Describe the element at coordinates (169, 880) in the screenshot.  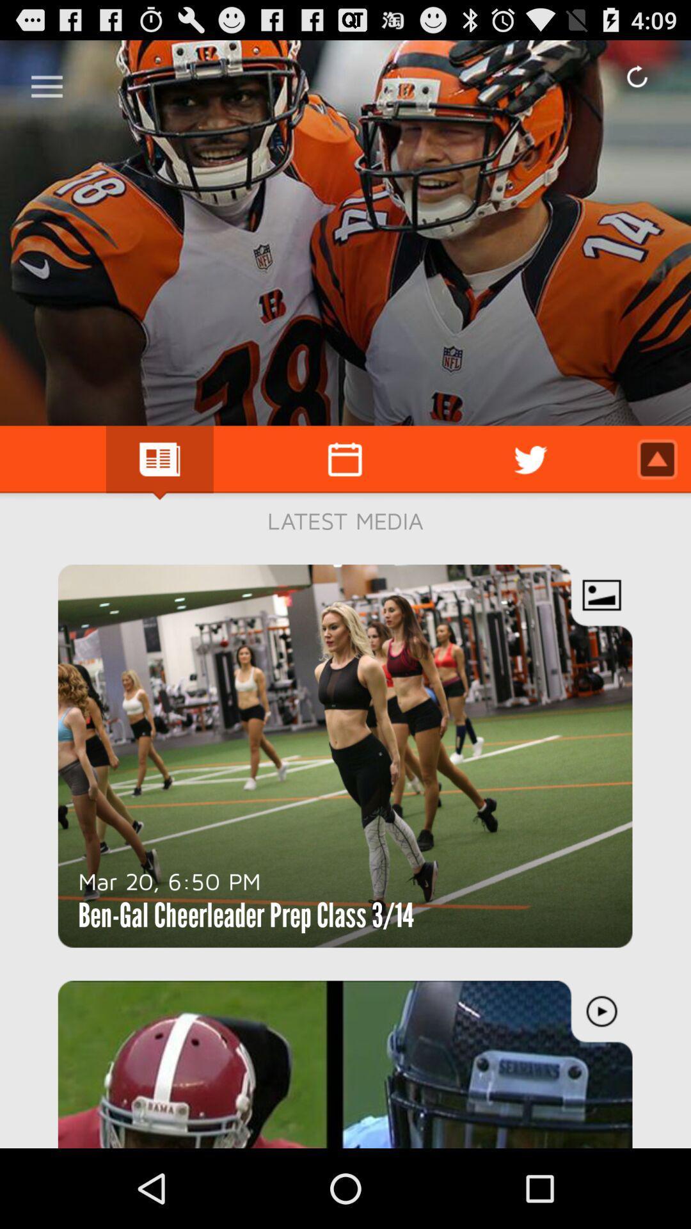
I see `the mar 20 6 item` at that location.